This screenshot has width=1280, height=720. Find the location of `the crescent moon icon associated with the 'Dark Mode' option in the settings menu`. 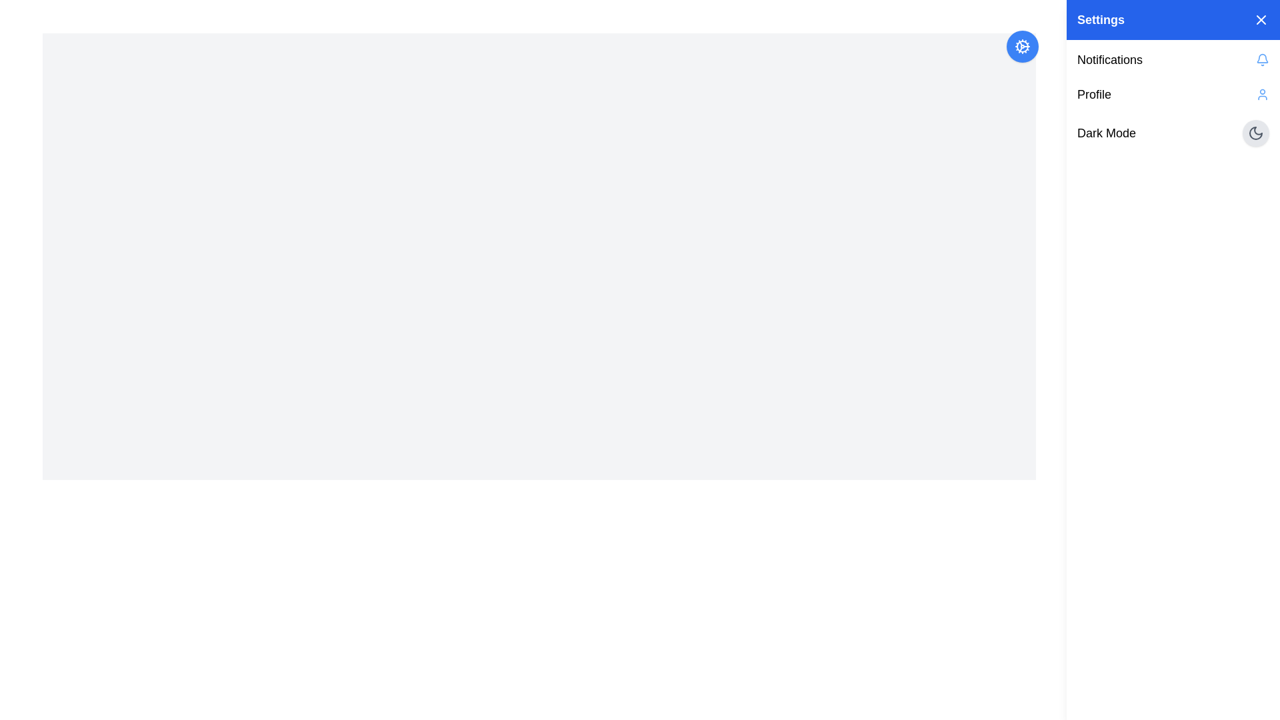

the crescent moon icon associated with the 'Dark Mode' option in the settings menu is located at coordinates (1255, 133).